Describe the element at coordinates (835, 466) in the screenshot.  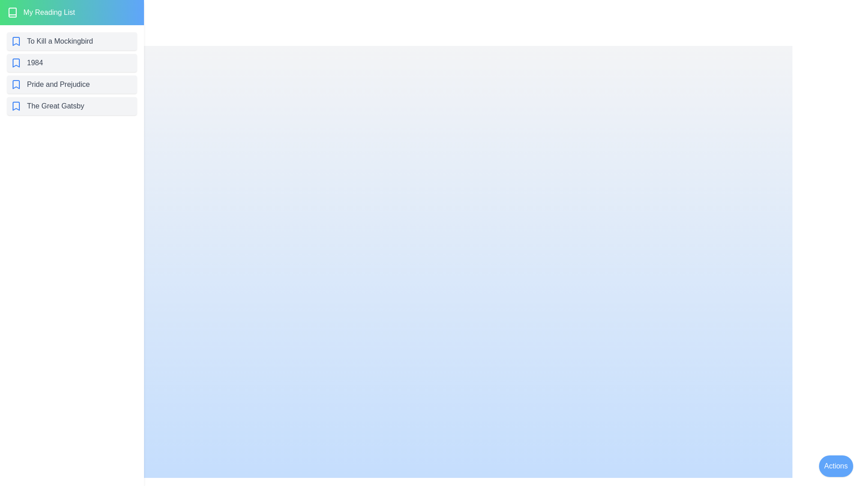
I see `the 'Actions' button located at the bottom-right corner of the screen` at that location.